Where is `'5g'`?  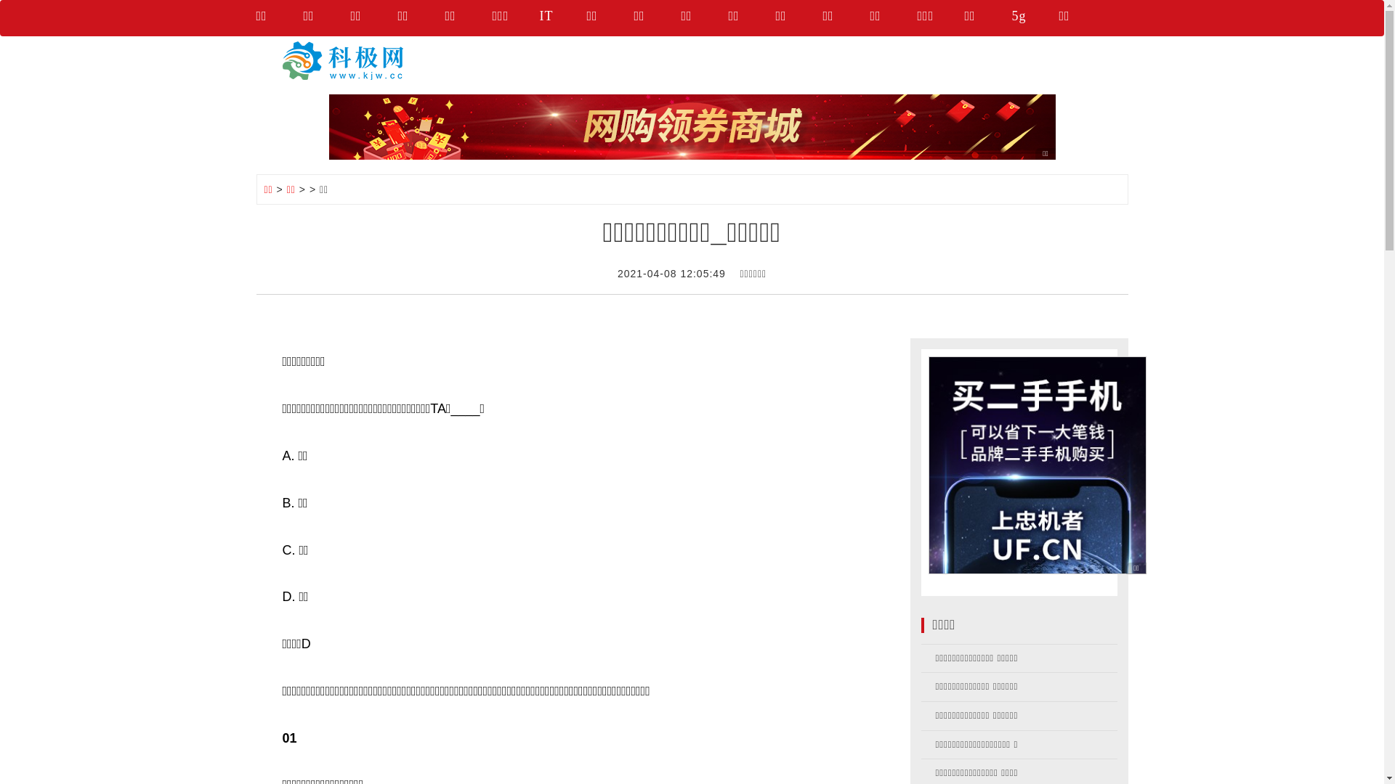
'5g' is located at coordinates (1034, 17).